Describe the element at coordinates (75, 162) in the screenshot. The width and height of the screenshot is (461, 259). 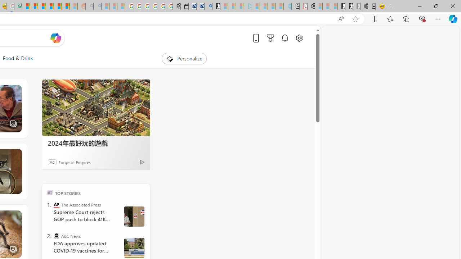
I see `'Forge of Empires'` at that location.